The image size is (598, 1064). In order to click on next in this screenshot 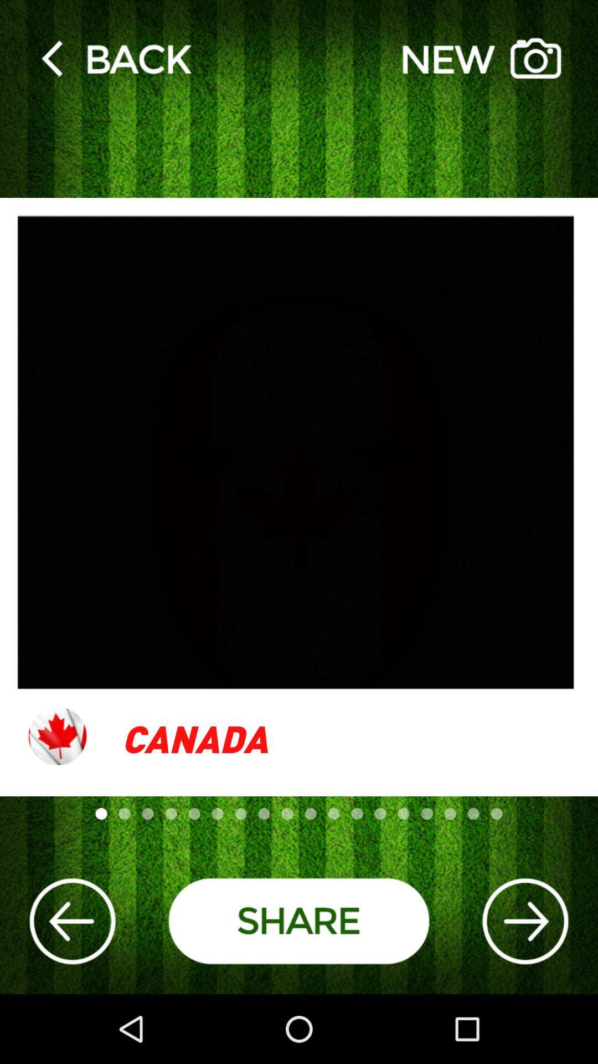, I will do `click(524, 921)`.